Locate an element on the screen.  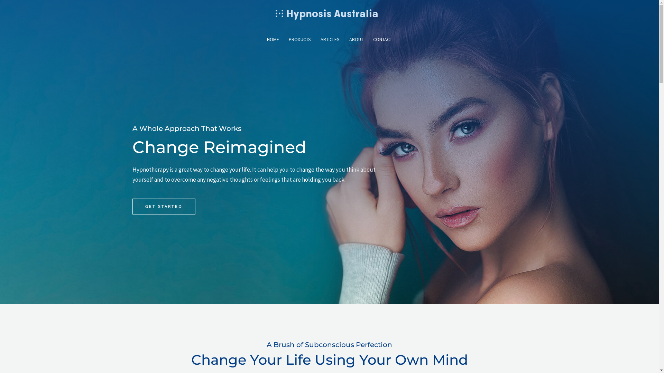
'HOME' is located at coordinates (273, 39).